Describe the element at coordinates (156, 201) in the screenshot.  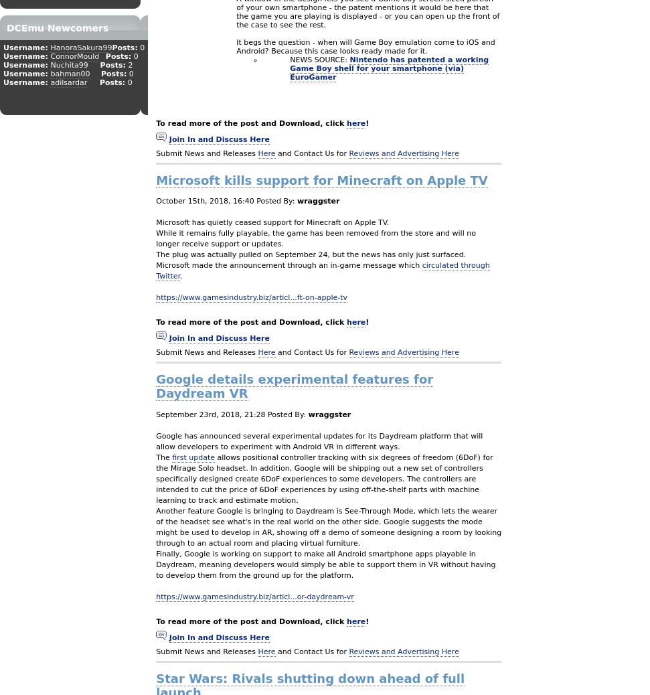
I see `'October 15th, 2018, 16:40'` at that location.